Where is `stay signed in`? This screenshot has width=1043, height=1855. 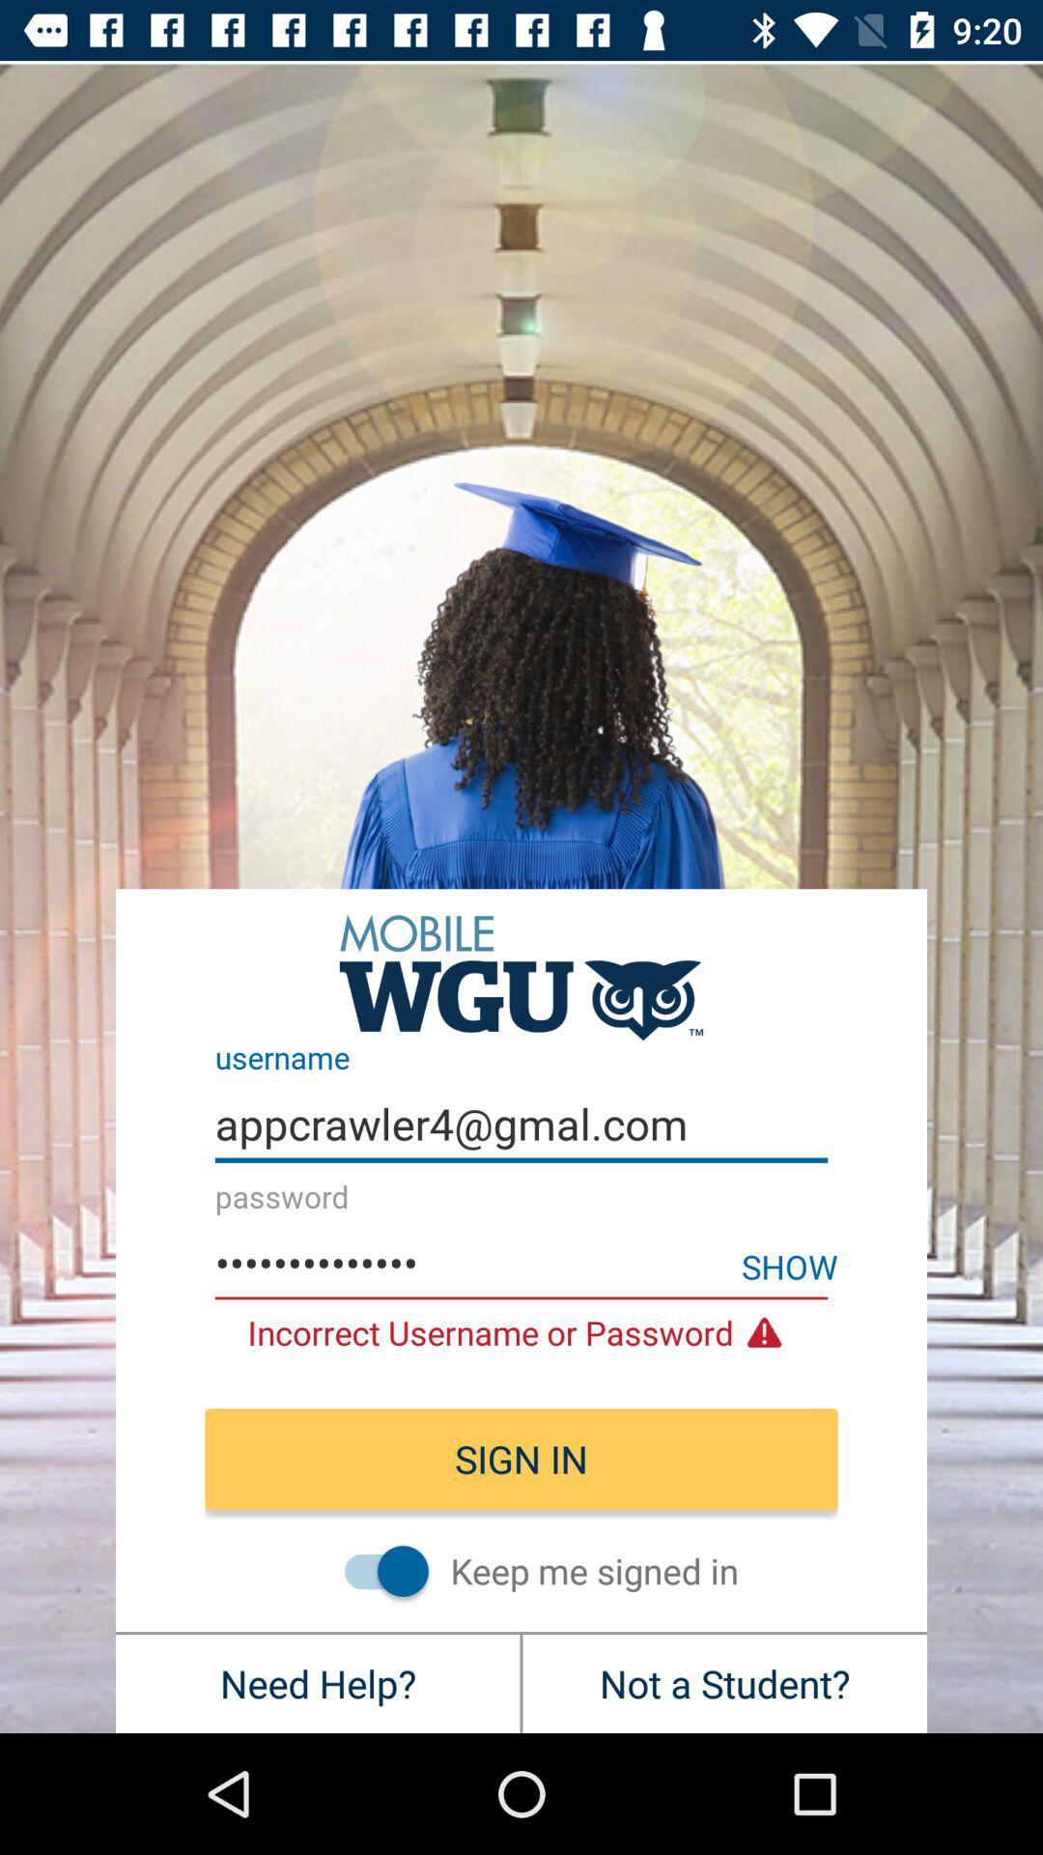 stay signed in is located at coordinates (377, 1571).